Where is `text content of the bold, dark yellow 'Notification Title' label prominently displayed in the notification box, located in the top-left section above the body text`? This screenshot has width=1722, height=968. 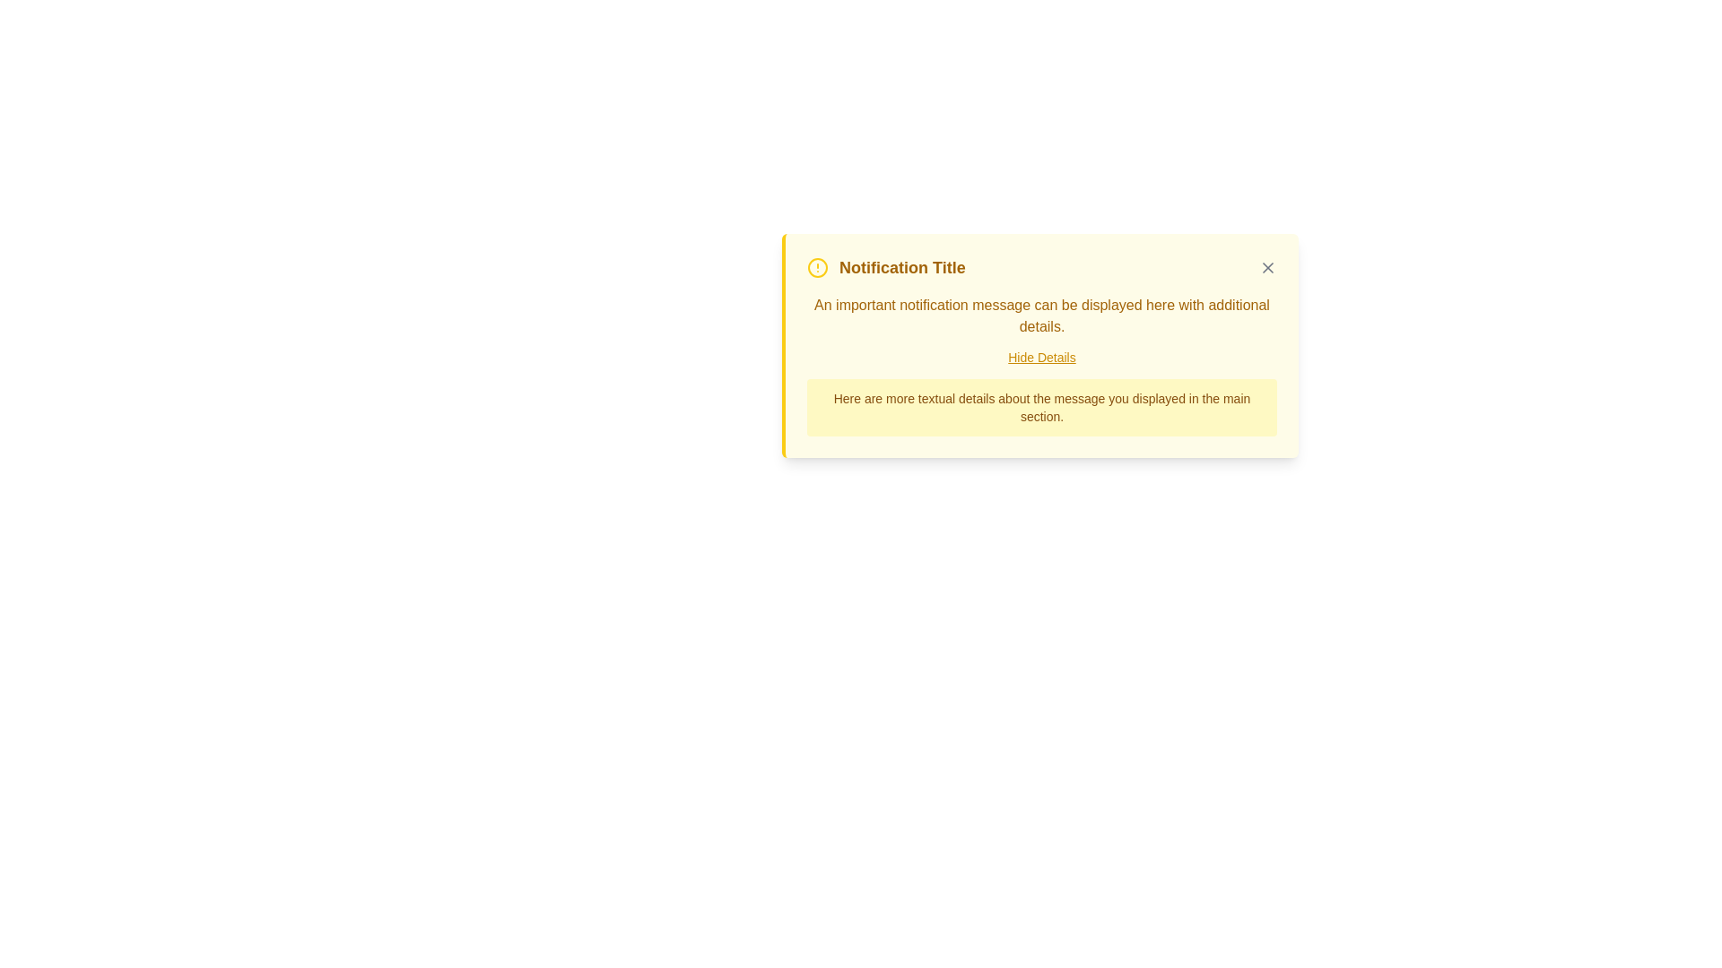 text content of the bold, dark yellow 'Notification Title' label prominently displayed in the notification box, located in the top-left section above the body text is located at coordinates (902, 268).